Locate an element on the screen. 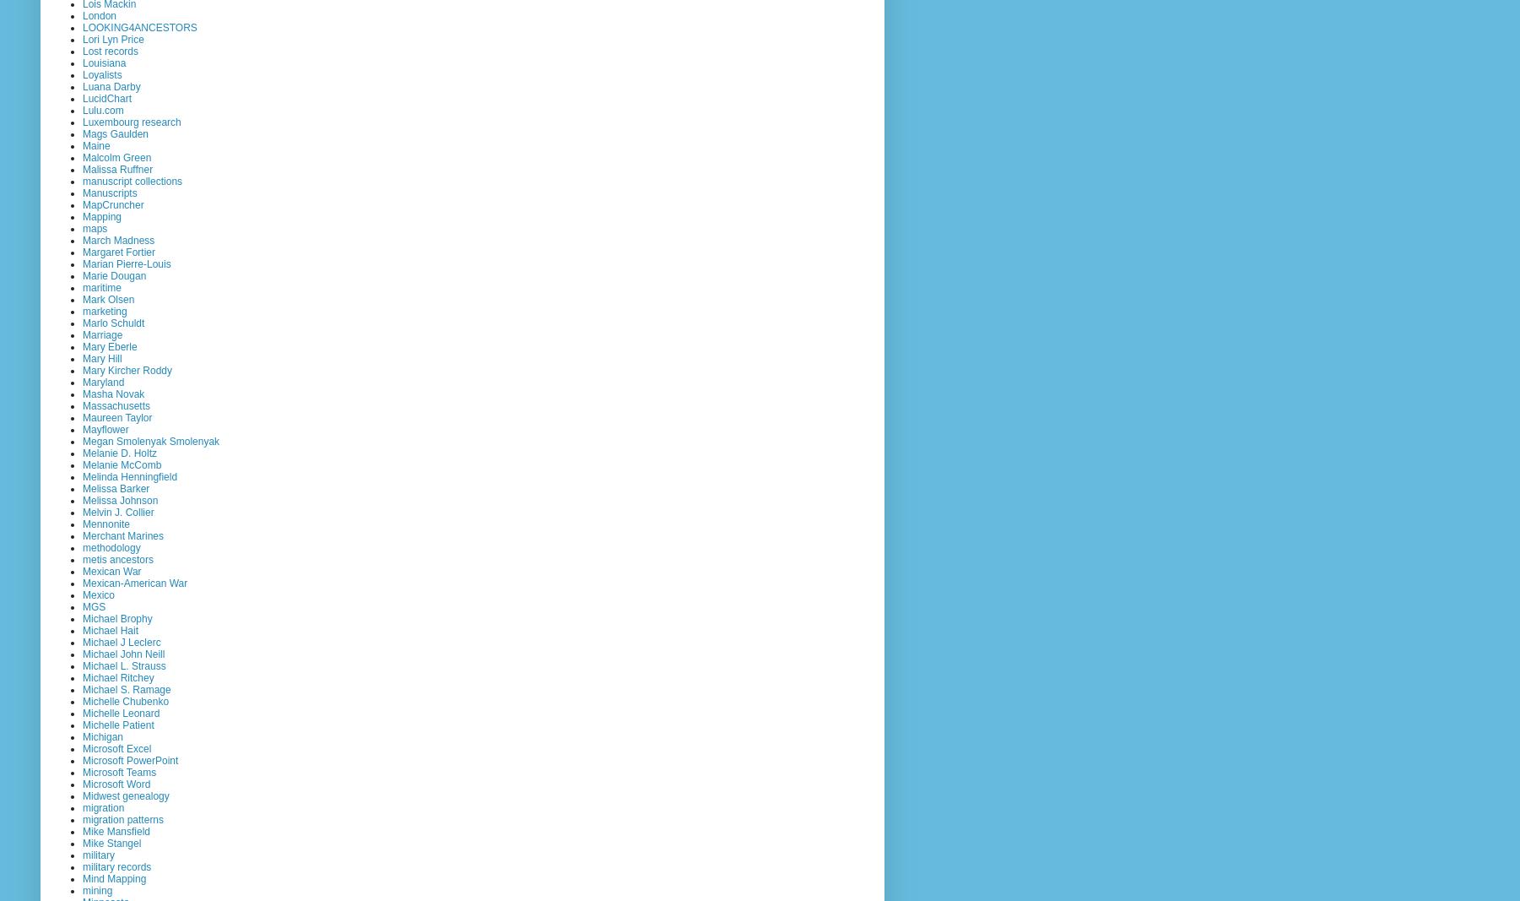  'Michelle Chubenko' is located at coordinates (125, 700).